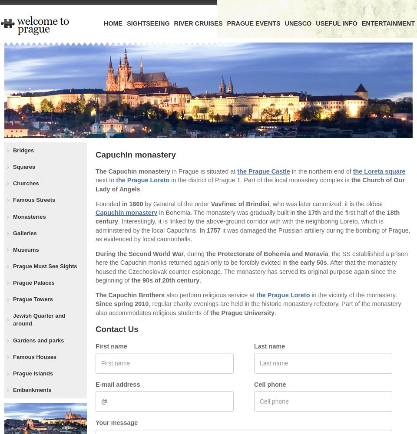  Describe the element at coordinates (12, 167) in the screenshot. I see `'Squares'` at that location.